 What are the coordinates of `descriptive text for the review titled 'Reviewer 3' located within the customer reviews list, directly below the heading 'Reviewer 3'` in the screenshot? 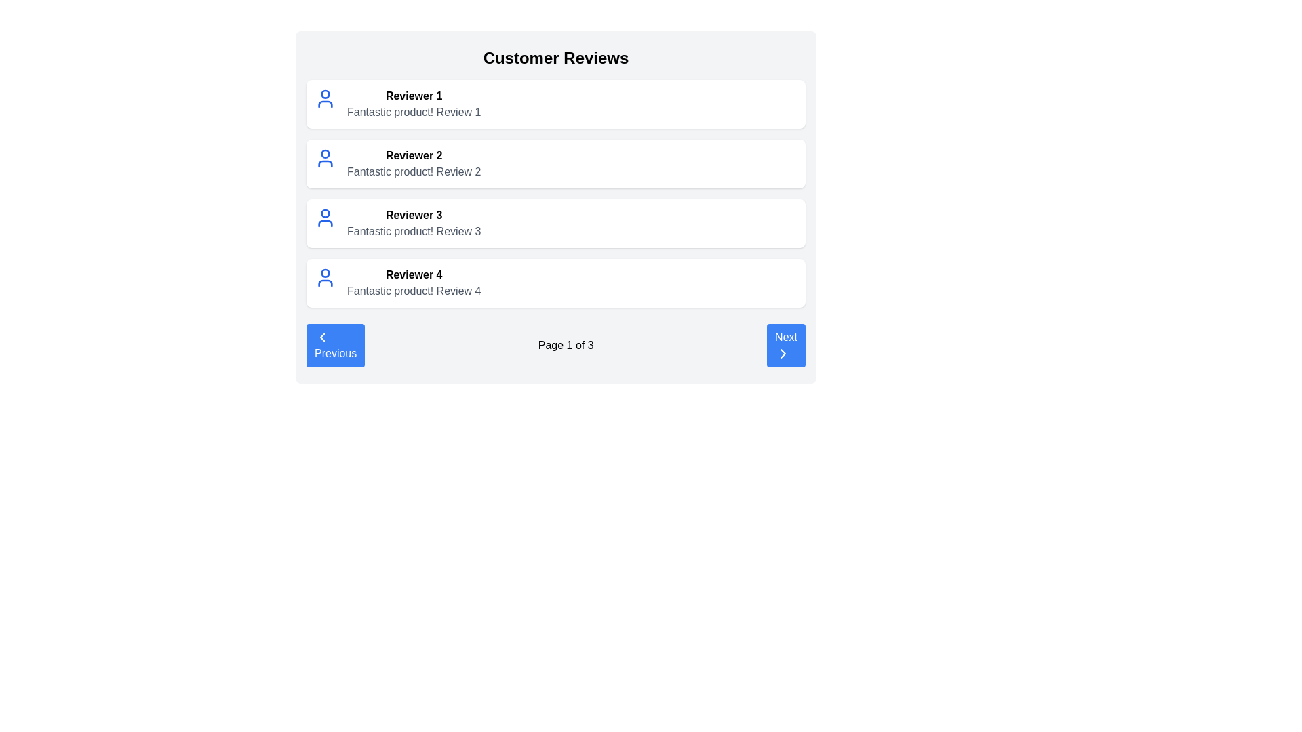 It's located at (413, 231).